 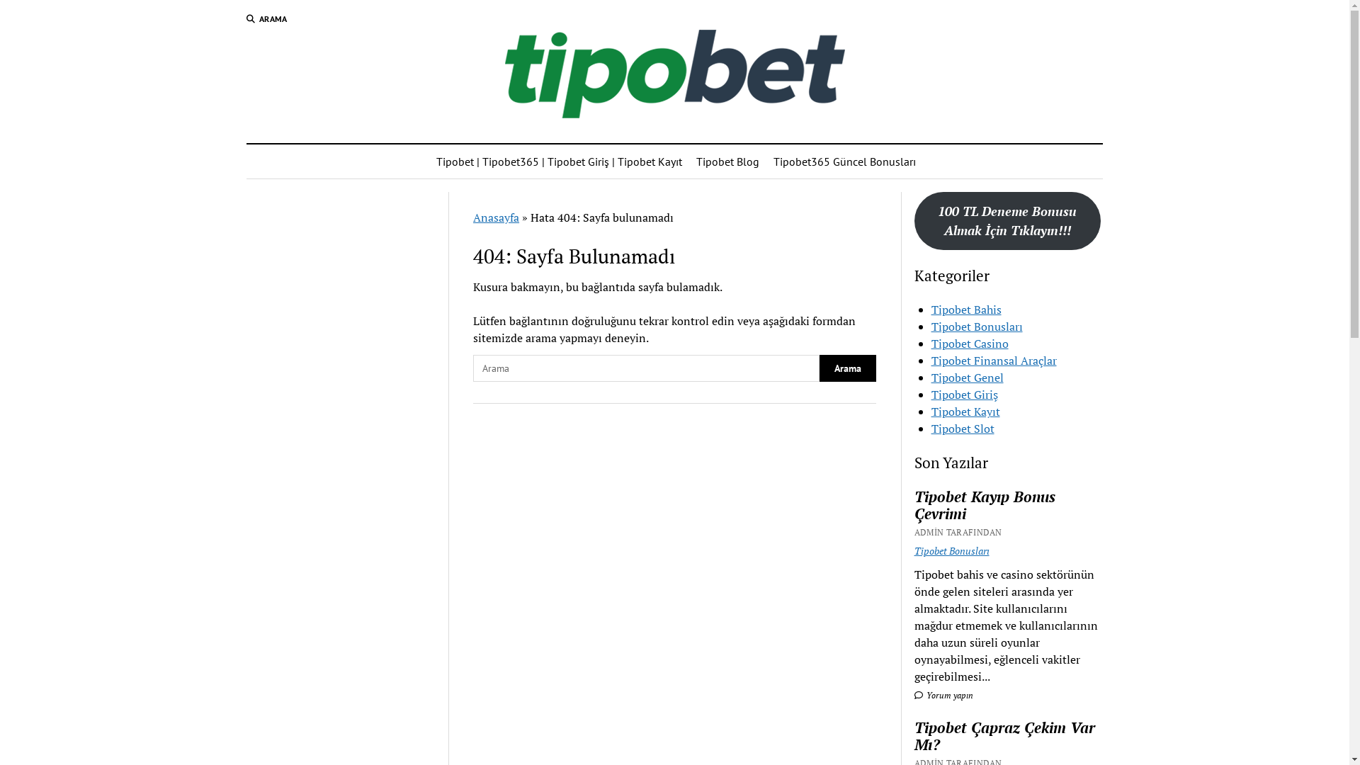 What do you see at coordinates (727, 160) in the screenshot?
I see `'Tipobet Blog'` at bounding box center [727, 160].